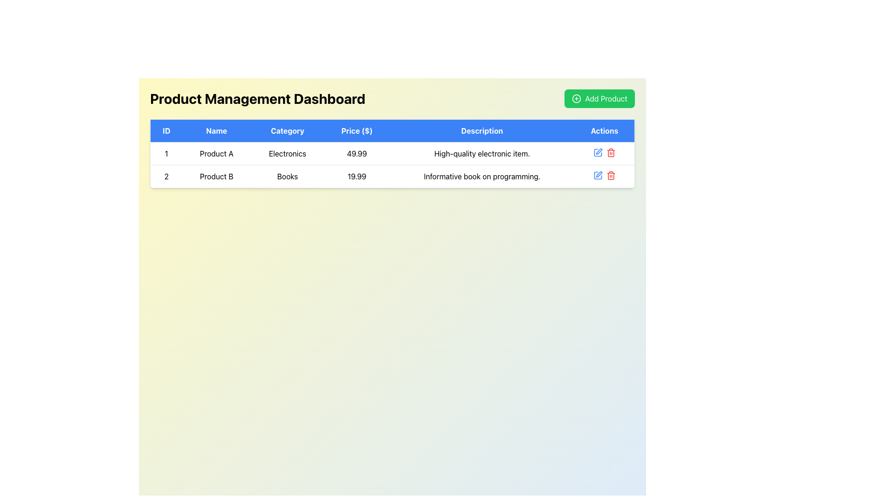  I want to click on the 'Actions' table header cell, which is the last column header in the top row of a product information table, styled with a blue background and white text, so click(605, 131).